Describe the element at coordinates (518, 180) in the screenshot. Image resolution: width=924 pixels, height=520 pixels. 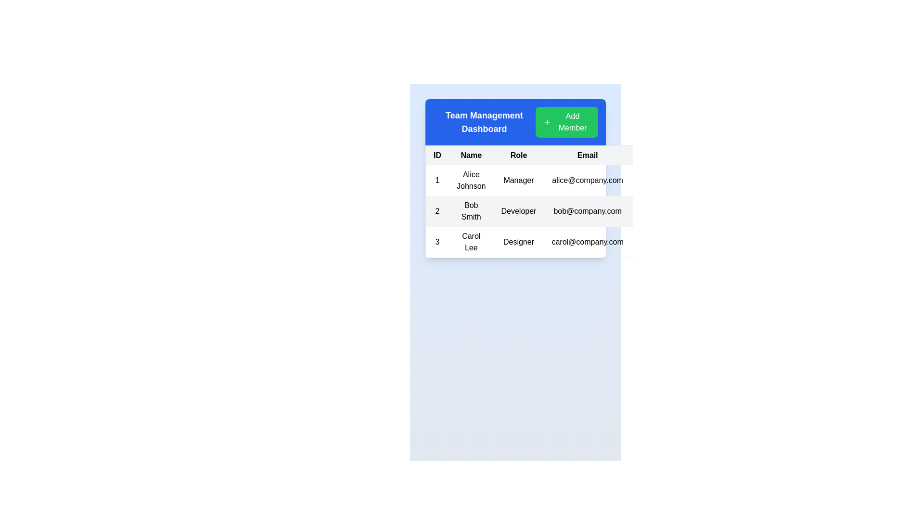
I see `text label in the third cell of the first row, under the 'Role' header, which indicates the role associated with 'Alice Johnson'` at that location.